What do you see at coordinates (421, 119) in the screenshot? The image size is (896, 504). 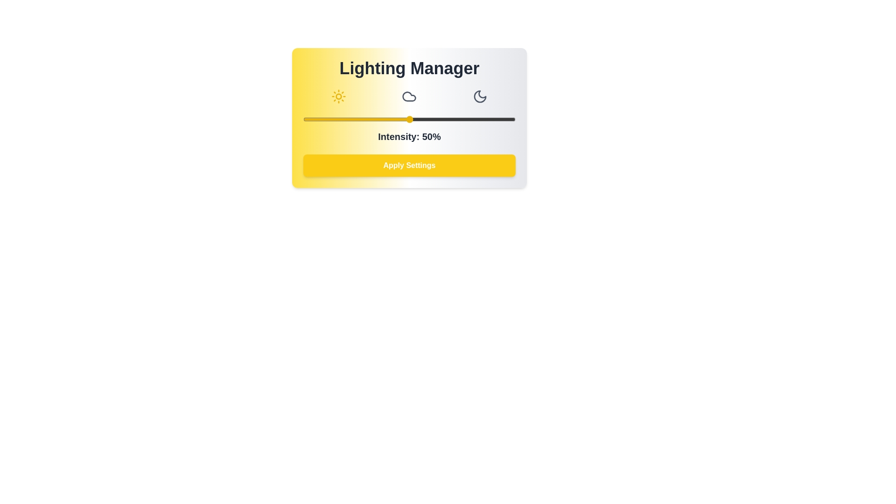 I see `the light intensity slider to 56%` at bounding box center [421, 119].